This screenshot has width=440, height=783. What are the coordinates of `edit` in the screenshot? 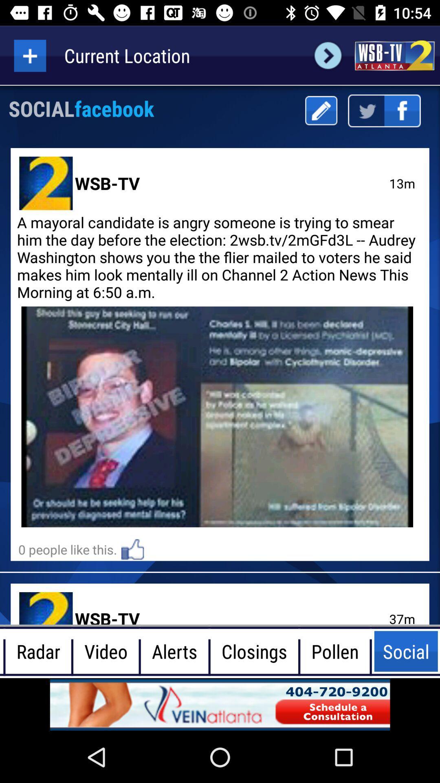 It's located at (321, 110).